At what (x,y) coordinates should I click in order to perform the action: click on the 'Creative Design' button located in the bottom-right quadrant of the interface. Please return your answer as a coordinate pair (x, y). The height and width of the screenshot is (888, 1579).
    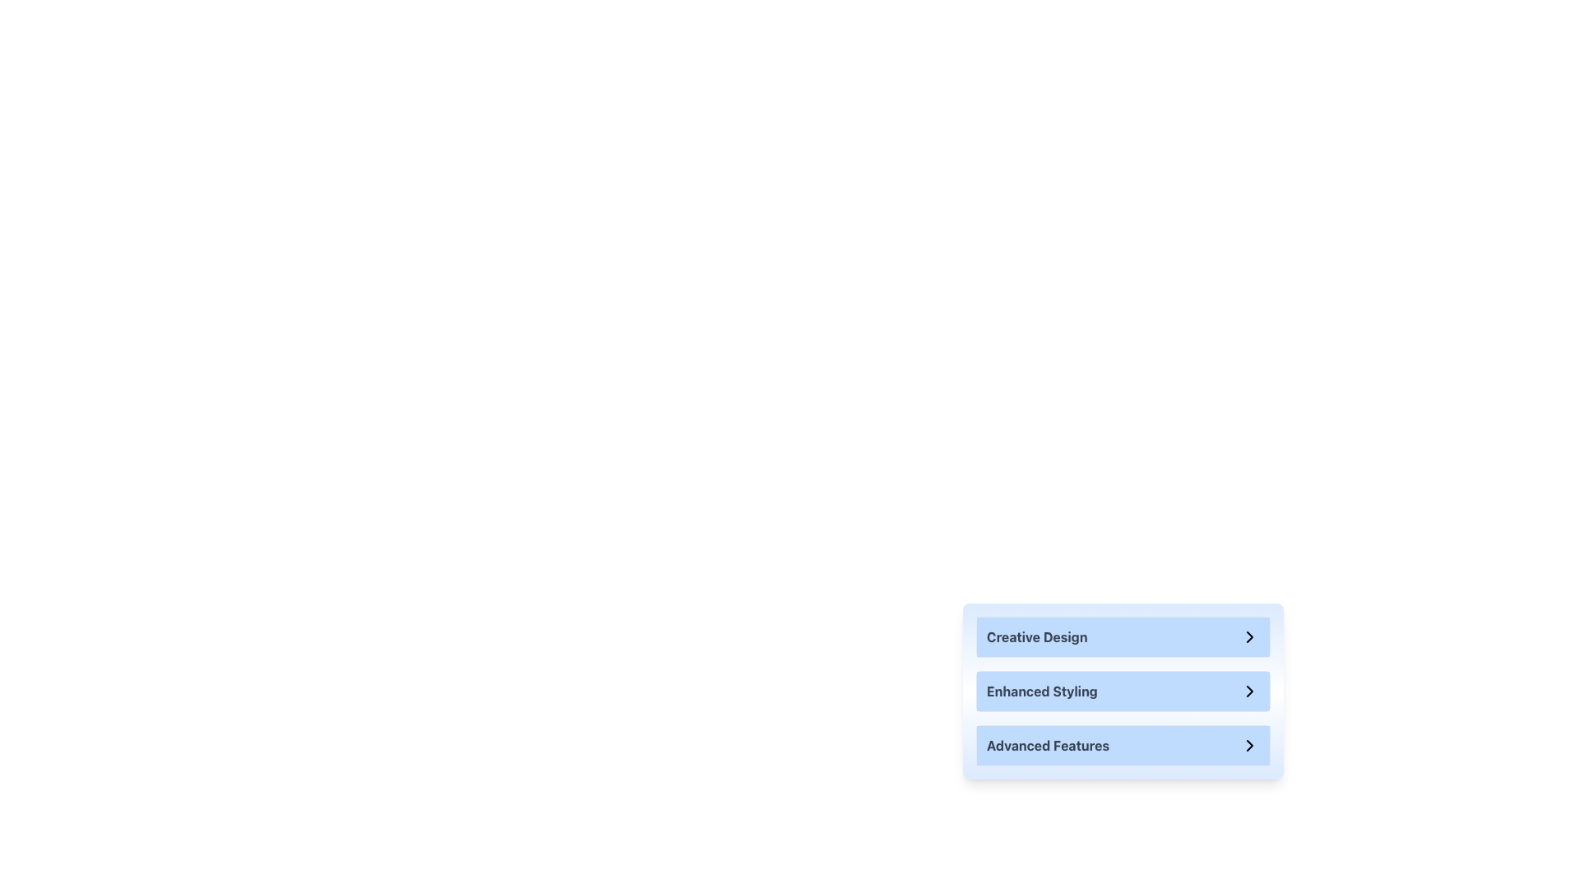
    Looking at the image, I should click on (1123, 636).